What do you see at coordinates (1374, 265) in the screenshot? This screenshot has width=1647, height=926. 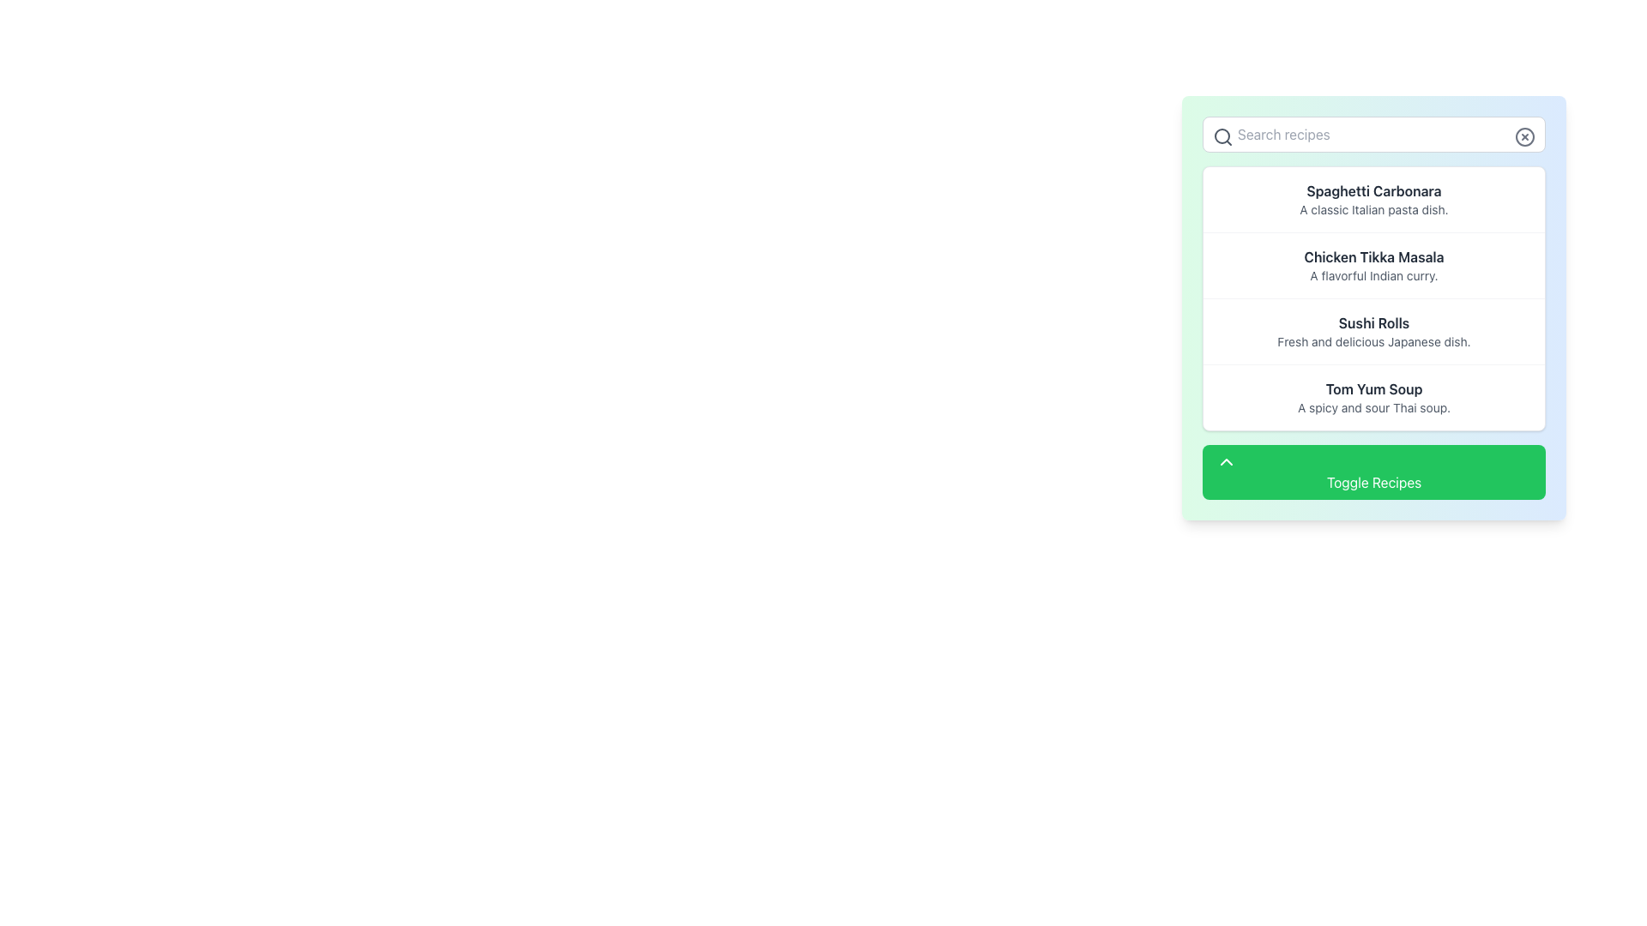 I see `the static text element that summarizes the 'Chicken Tikka Masala' dish, which is the second item in the recipe list, positioned between 'Spaghetti Carbonara' and 'Sushi Rolls'` at bounding box center [1374, 265].